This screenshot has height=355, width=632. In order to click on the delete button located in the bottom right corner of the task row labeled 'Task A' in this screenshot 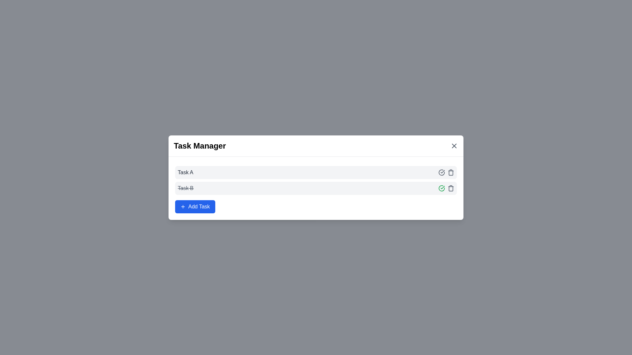, I will do `click(450, 188)`.